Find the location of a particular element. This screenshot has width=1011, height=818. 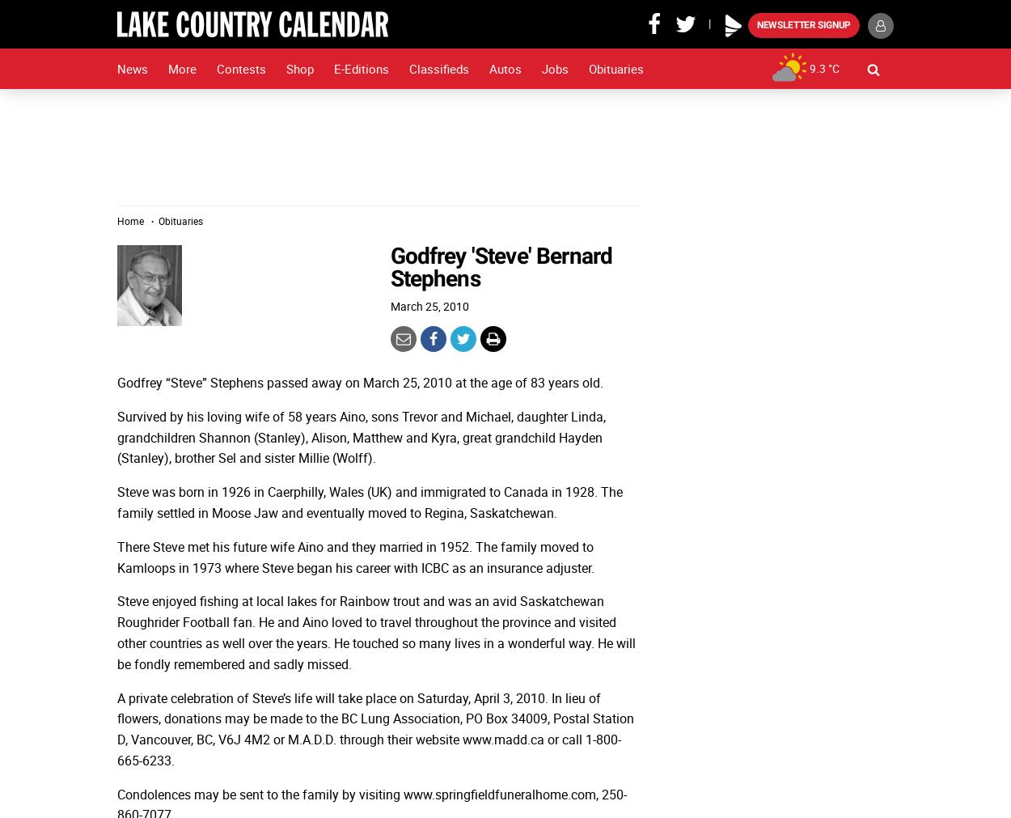

'Godfrey “Steve” Stephens passed away on March 25, 2010 at the age of 83 years old.' is located at coordinates (359, 382).